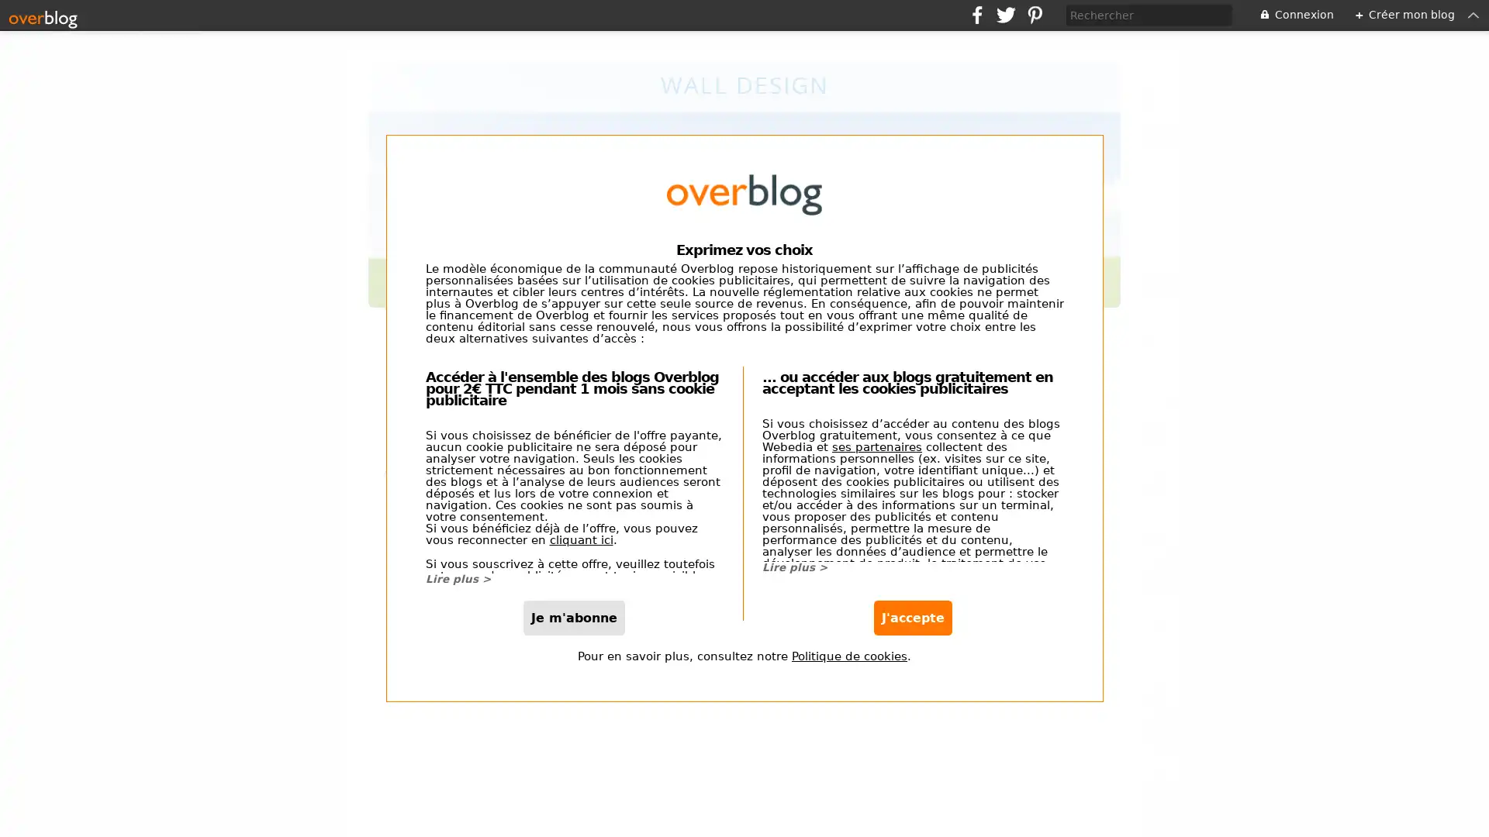  I want to click on Je m'abonne, so click(573, 616).